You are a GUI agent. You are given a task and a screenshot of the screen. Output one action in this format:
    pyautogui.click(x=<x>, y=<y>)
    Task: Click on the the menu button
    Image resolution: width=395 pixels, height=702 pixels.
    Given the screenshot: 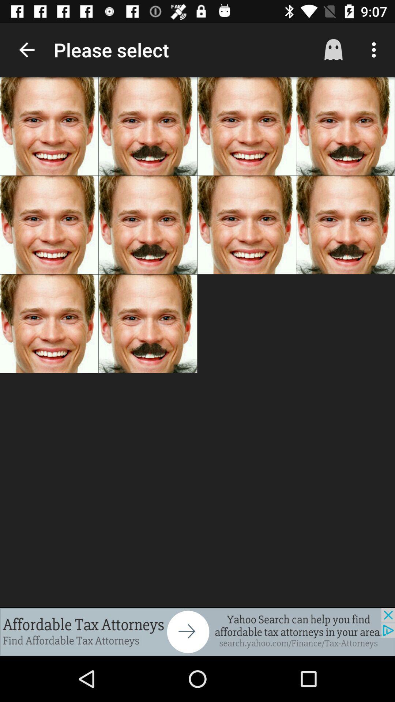 What is the action you would take?
    pyautogui.click(x=372, y=50)
    